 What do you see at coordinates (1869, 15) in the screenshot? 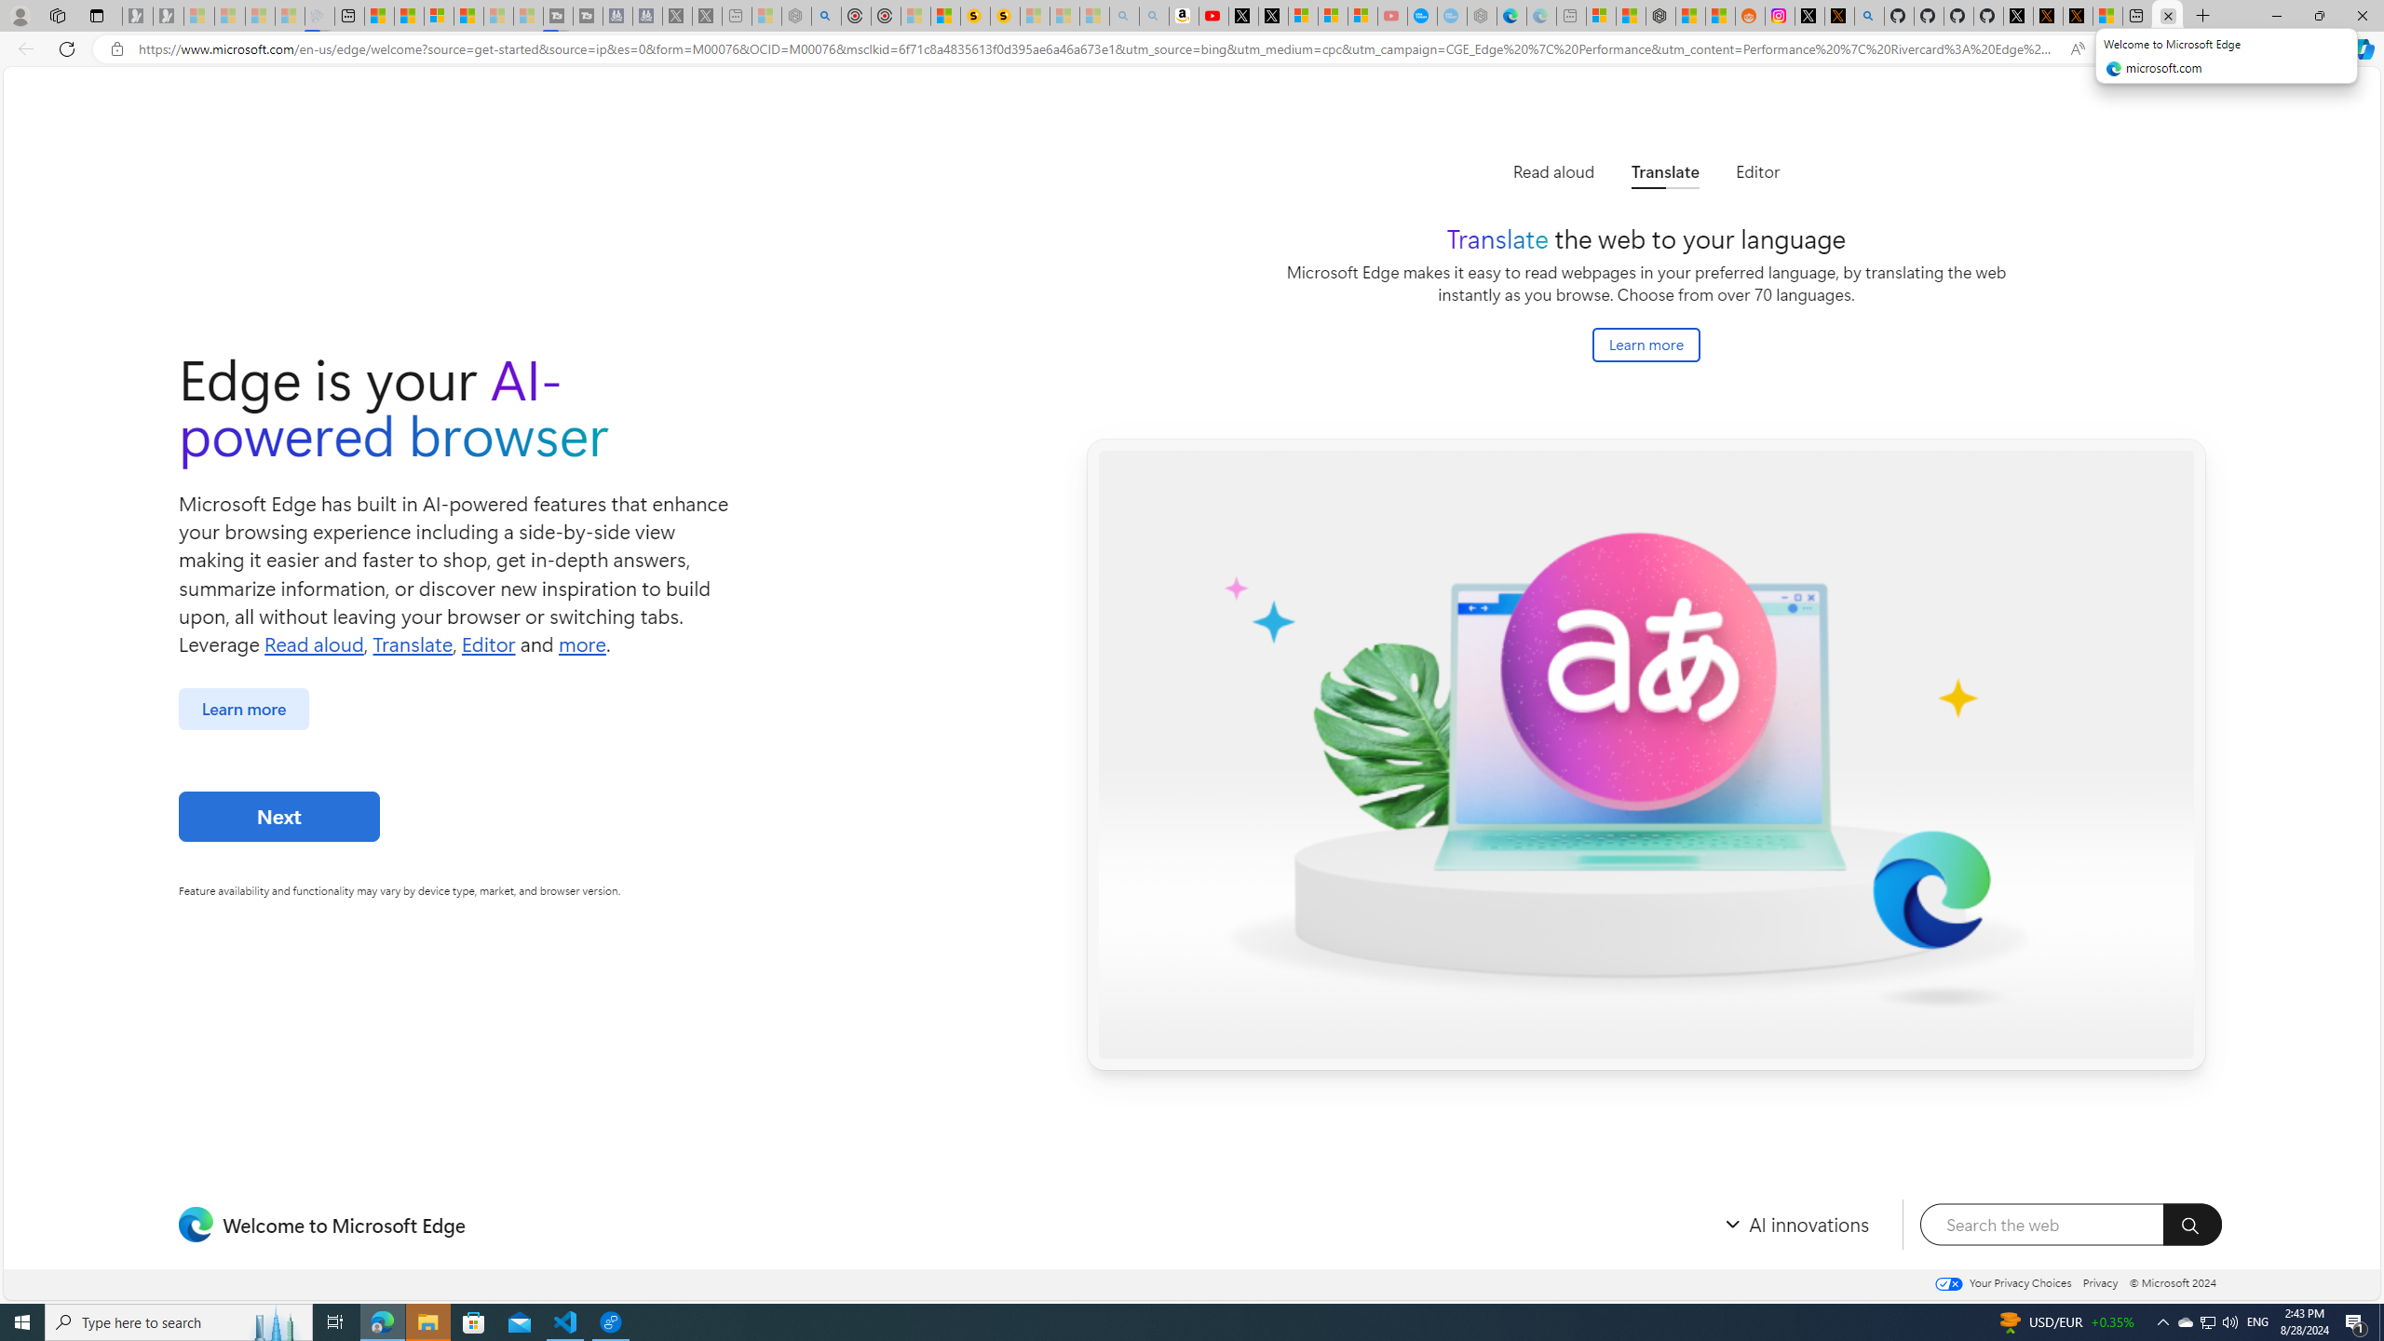
I see `'github - Search'` at bounding box center [1869, 15].